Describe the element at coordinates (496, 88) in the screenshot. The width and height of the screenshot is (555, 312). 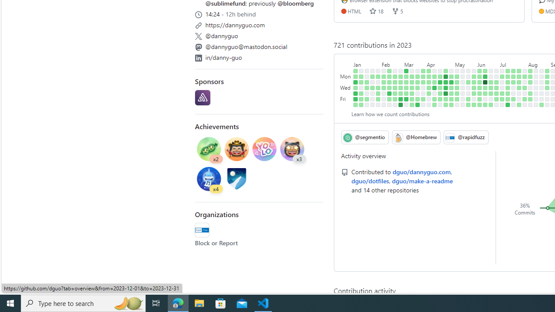
I see `'1 contribution on June 28th.'` at that location.